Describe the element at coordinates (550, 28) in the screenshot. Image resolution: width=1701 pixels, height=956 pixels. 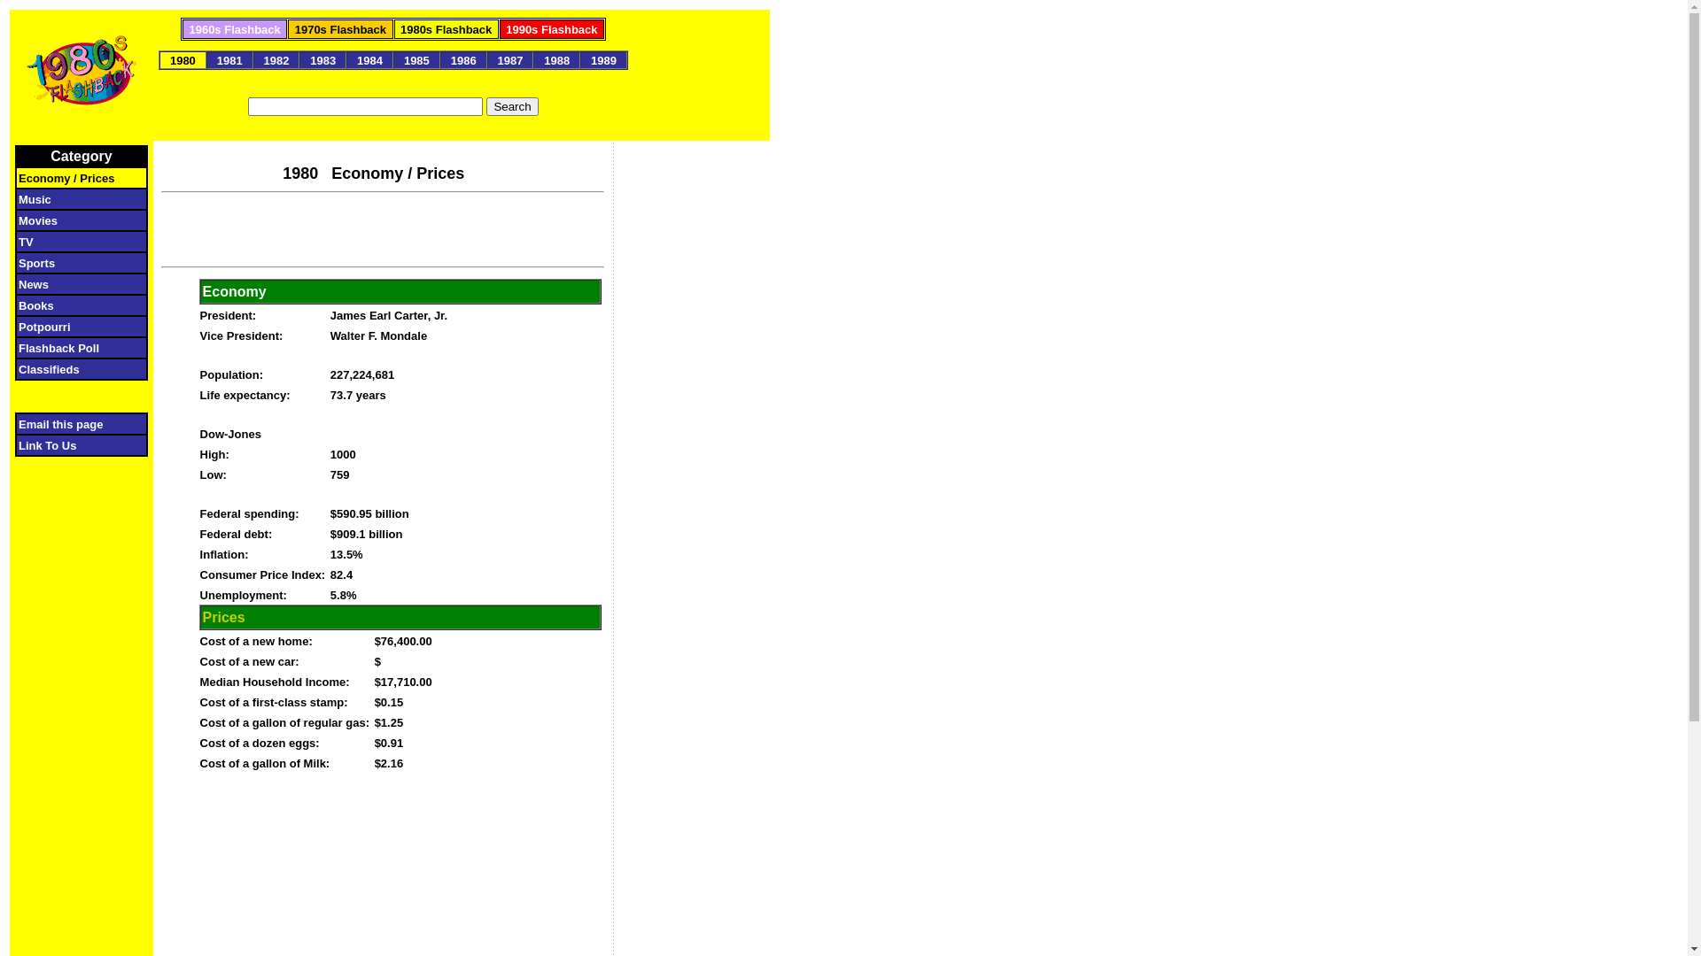
I see `'1990s Flashback'` at that location.